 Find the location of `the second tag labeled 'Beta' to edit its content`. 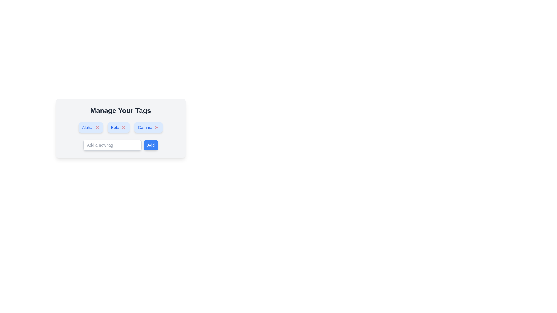

the second tag labeled 'Beta' to edit its content is located at coordinates (118, 127).